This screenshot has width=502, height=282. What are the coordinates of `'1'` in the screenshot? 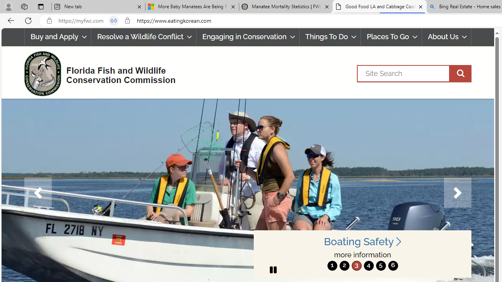 It's located at (332, 265).